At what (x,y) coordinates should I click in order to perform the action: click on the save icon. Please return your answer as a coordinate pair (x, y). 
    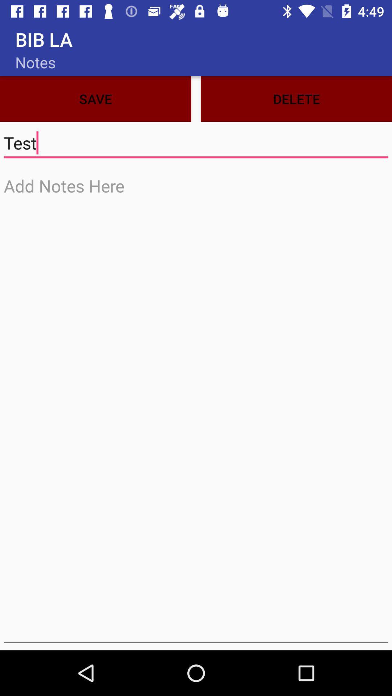
    Looking at the image, I should click on (95, 99).